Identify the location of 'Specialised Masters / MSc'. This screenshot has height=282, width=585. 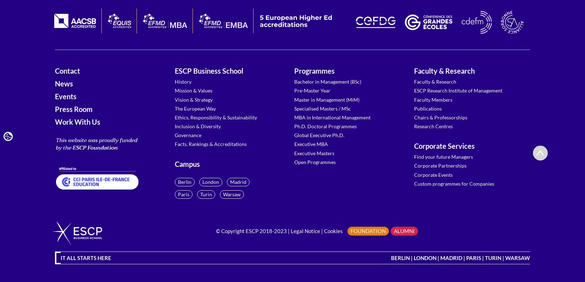
(322, 108).